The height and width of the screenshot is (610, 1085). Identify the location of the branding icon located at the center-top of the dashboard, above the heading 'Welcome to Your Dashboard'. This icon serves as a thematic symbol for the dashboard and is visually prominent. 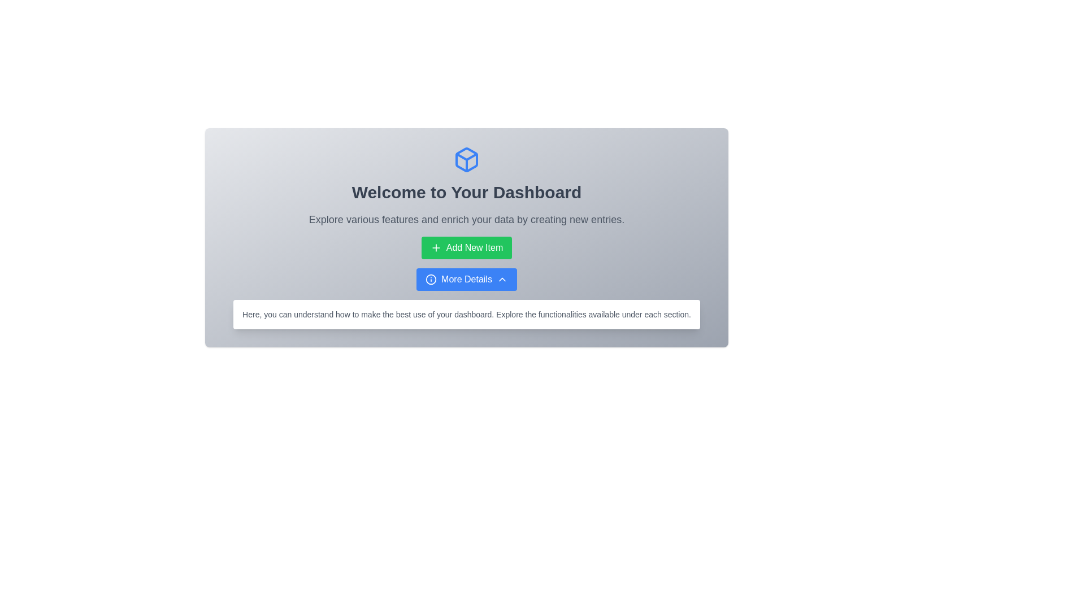
(466, 159).